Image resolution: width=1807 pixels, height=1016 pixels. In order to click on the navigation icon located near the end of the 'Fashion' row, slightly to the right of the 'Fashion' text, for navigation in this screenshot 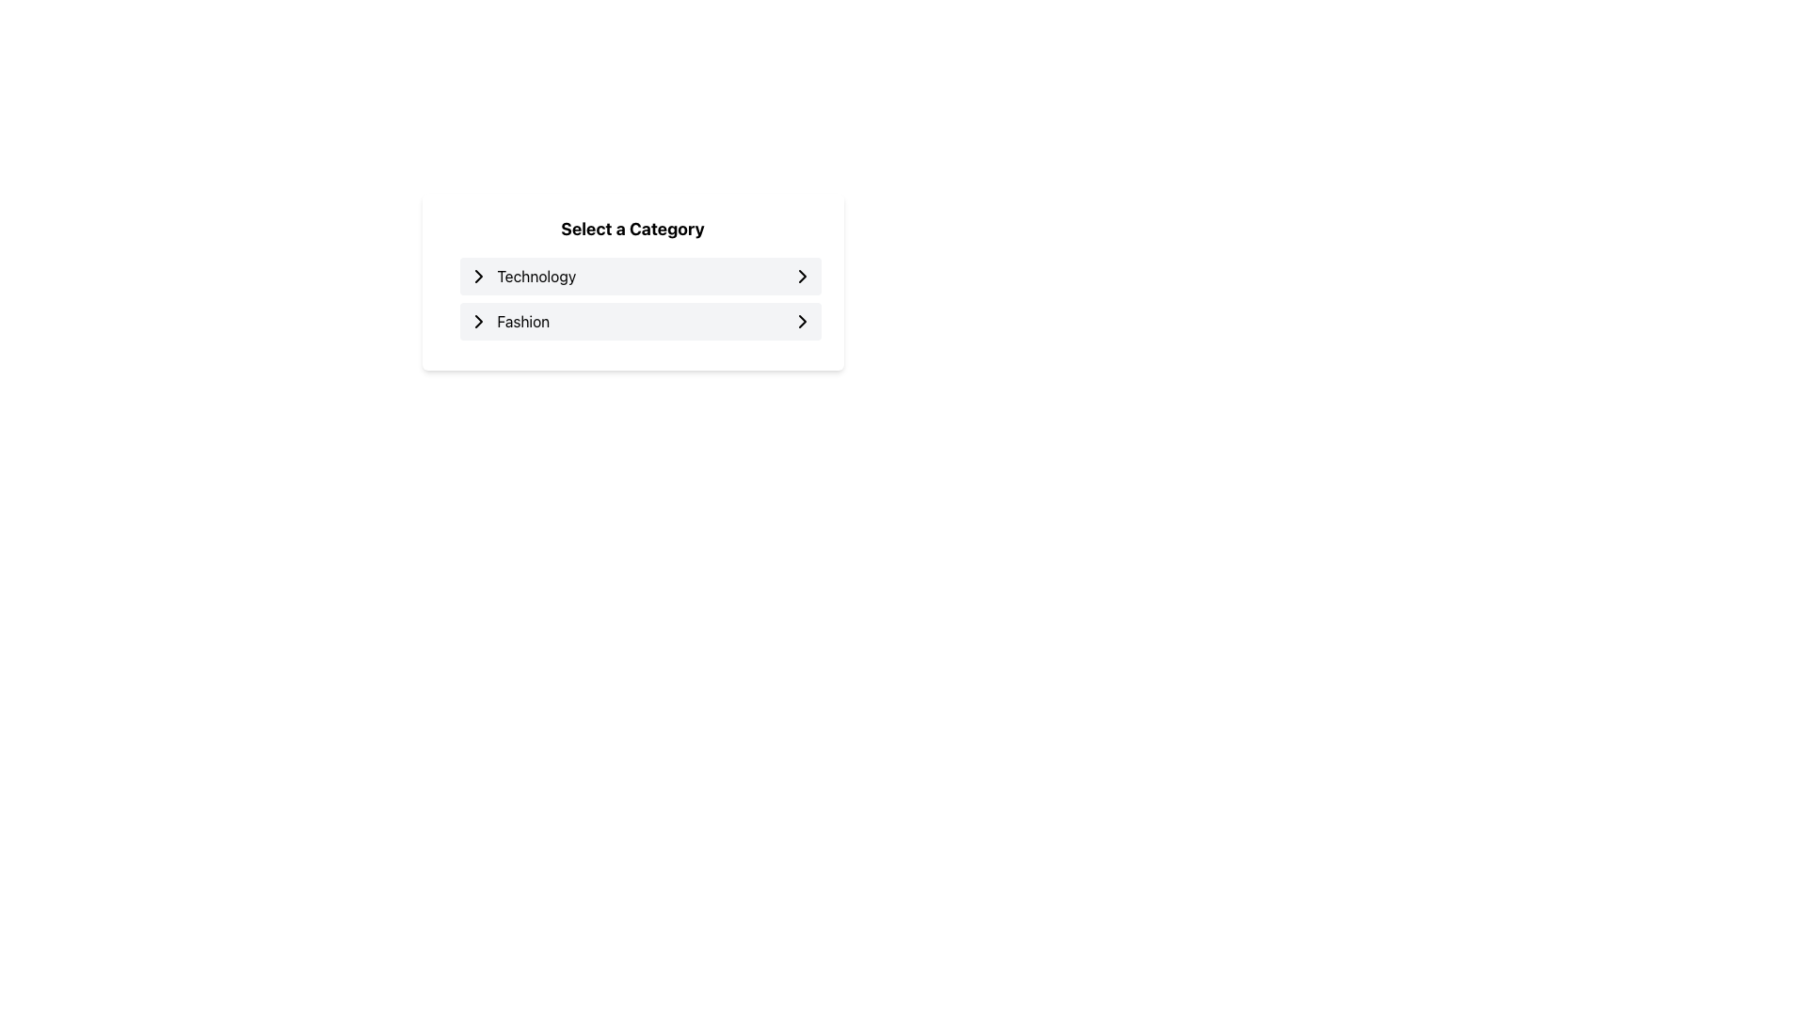, I will do `click(478, 321)`.